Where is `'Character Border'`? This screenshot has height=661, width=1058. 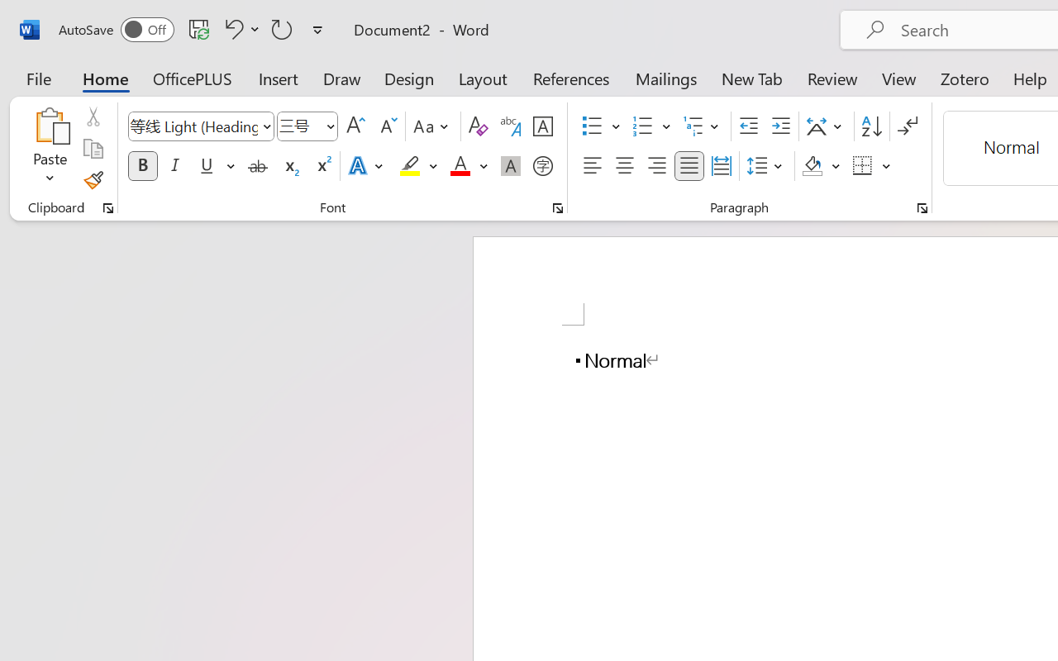
'Character Border' is located at coordinates (542, 126).